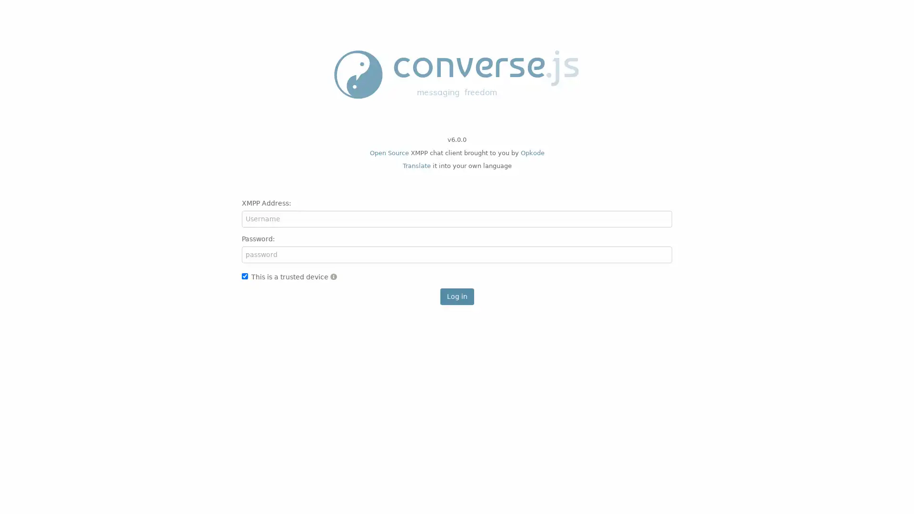  What do you see at coordinates (456, 296) in the screenshot?
I see `Log in` at bounding box center [456, 296].